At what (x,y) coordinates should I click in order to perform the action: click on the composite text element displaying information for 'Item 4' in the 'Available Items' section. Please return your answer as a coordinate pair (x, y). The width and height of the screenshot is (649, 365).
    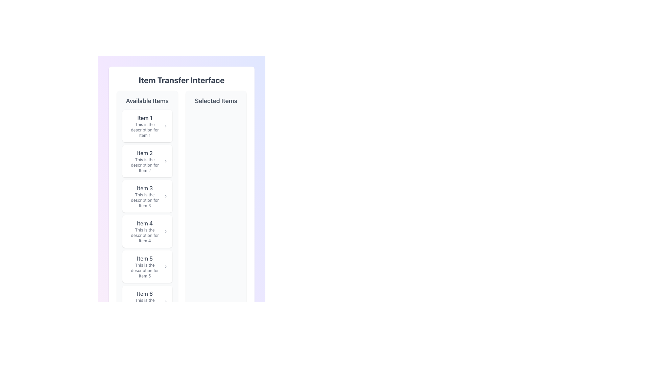
    Looking at the image, I should click on (144, 231).